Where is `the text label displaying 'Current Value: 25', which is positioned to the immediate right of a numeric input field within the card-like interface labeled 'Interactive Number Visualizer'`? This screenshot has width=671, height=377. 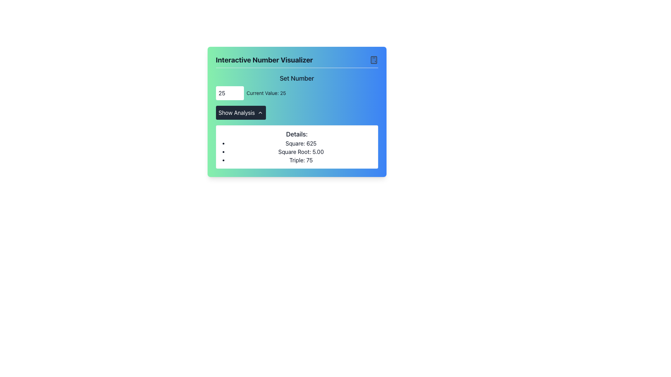
the text label displaying 'Current Value: 25', which is positioned to the immediate right of a numeric input field within the card-like interface labeled 'Interactive Number Visualizer' is located at coordinates (266, 93).